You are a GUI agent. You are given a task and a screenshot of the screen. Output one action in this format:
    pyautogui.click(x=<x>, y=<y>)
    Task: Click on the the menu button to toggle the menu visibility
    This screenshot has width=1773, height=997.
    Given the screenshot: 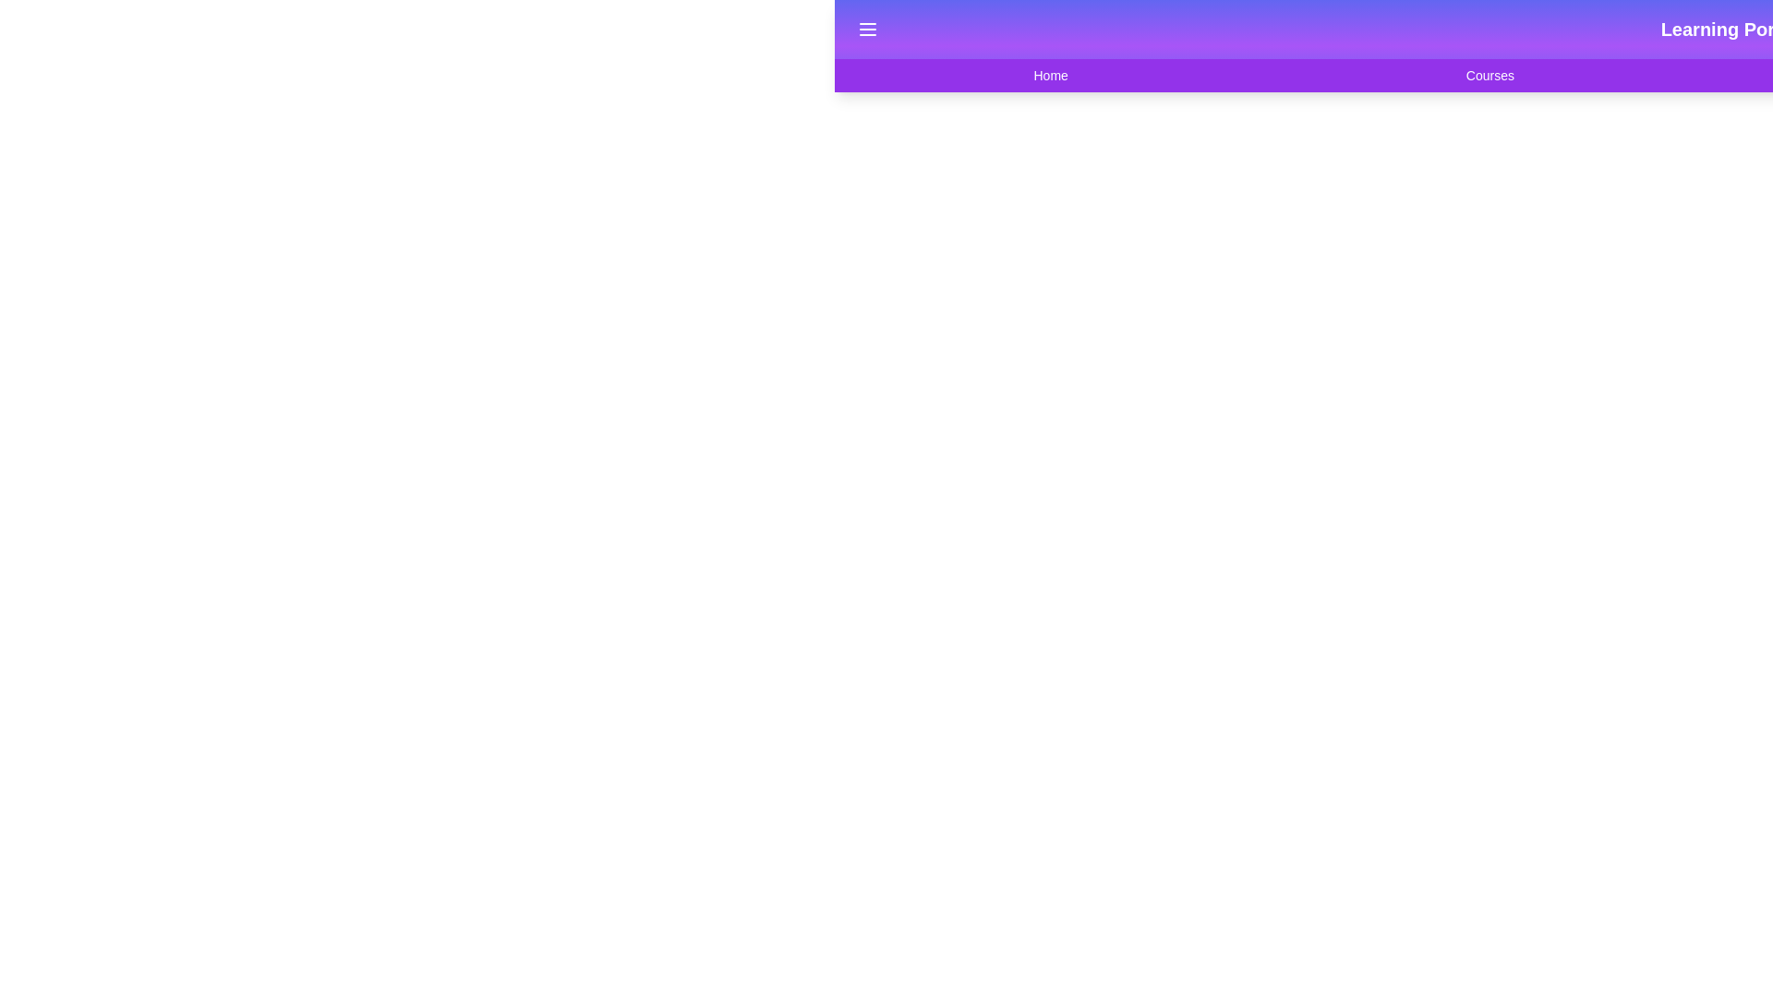 What is the action you would take?
    pyautogui.click(x=867, y=29)
    